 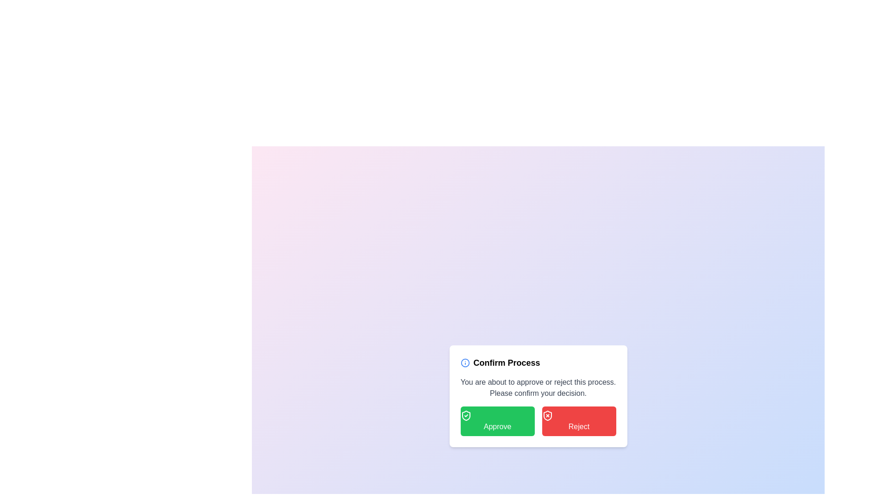 I want to click on the rejection button located at the lower-right part of the confirmation dialog box, so click(x=578, y=421).